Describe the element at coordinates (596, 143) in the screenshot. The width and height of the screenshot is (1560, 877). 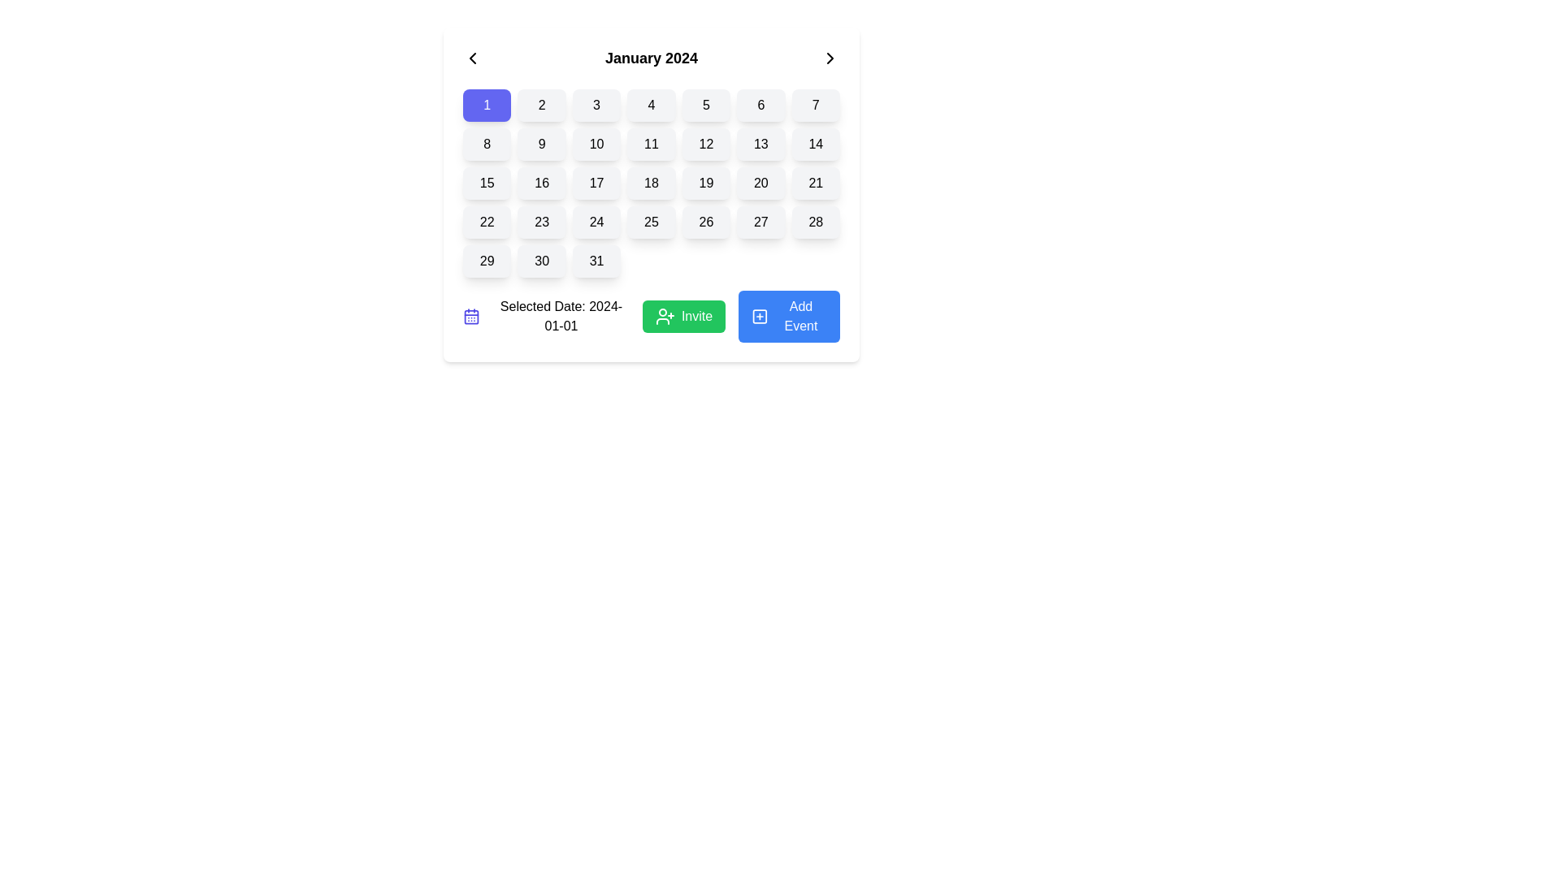
I see `the button representing the date '10' in the calendar interface` at that location.